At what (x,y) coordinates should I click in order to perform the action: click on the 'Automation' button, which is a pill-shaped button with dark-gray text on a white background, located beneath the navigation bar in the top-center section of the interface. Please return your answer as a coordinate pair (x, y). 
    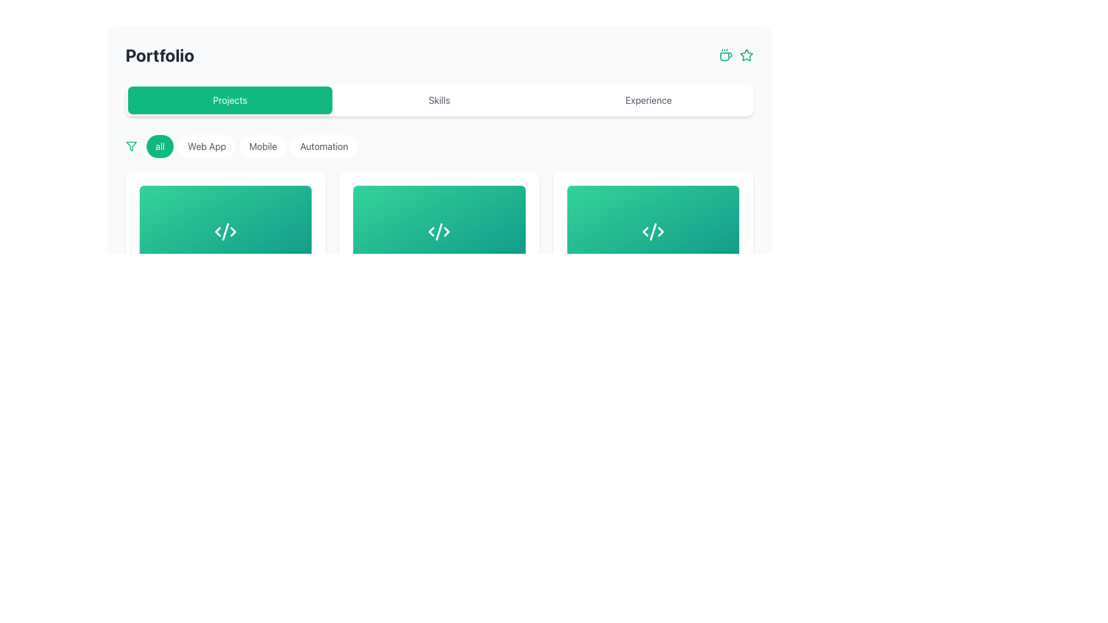
    Looking at the image, I should click on (323, 146).